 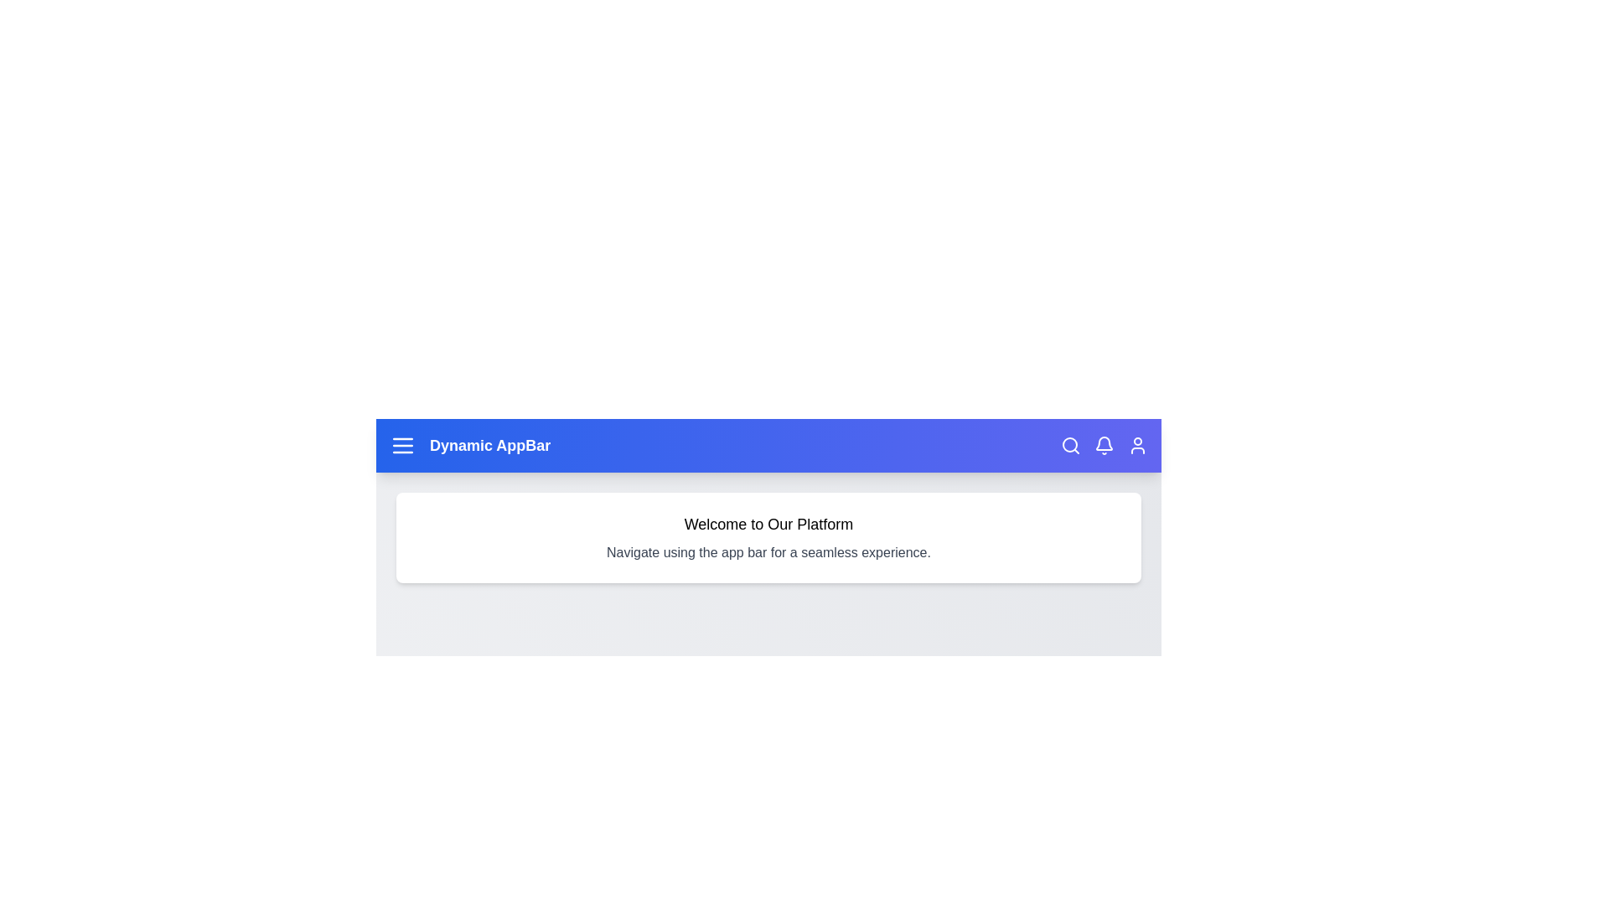 What do you see at coordinates (768, 523) in the screenshot?
I see `the subheader text to select it` at bounding box center [768, 523].